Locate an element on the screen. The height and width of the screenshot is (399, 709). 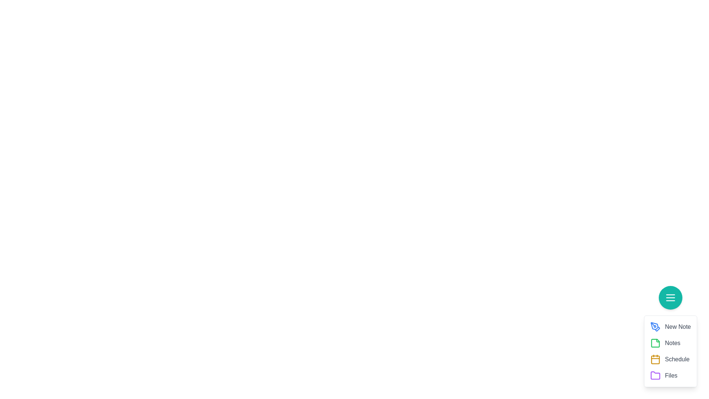
the New Note from the speed dial menu is located at coordinates (655, 326).